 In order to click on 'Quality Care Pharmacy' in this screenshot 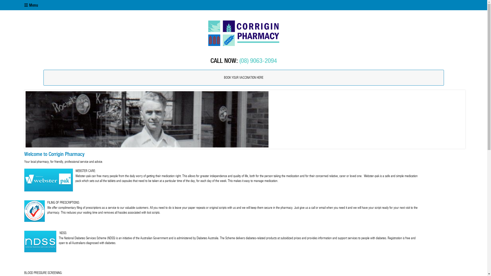, I will do `click(24, 211)`.